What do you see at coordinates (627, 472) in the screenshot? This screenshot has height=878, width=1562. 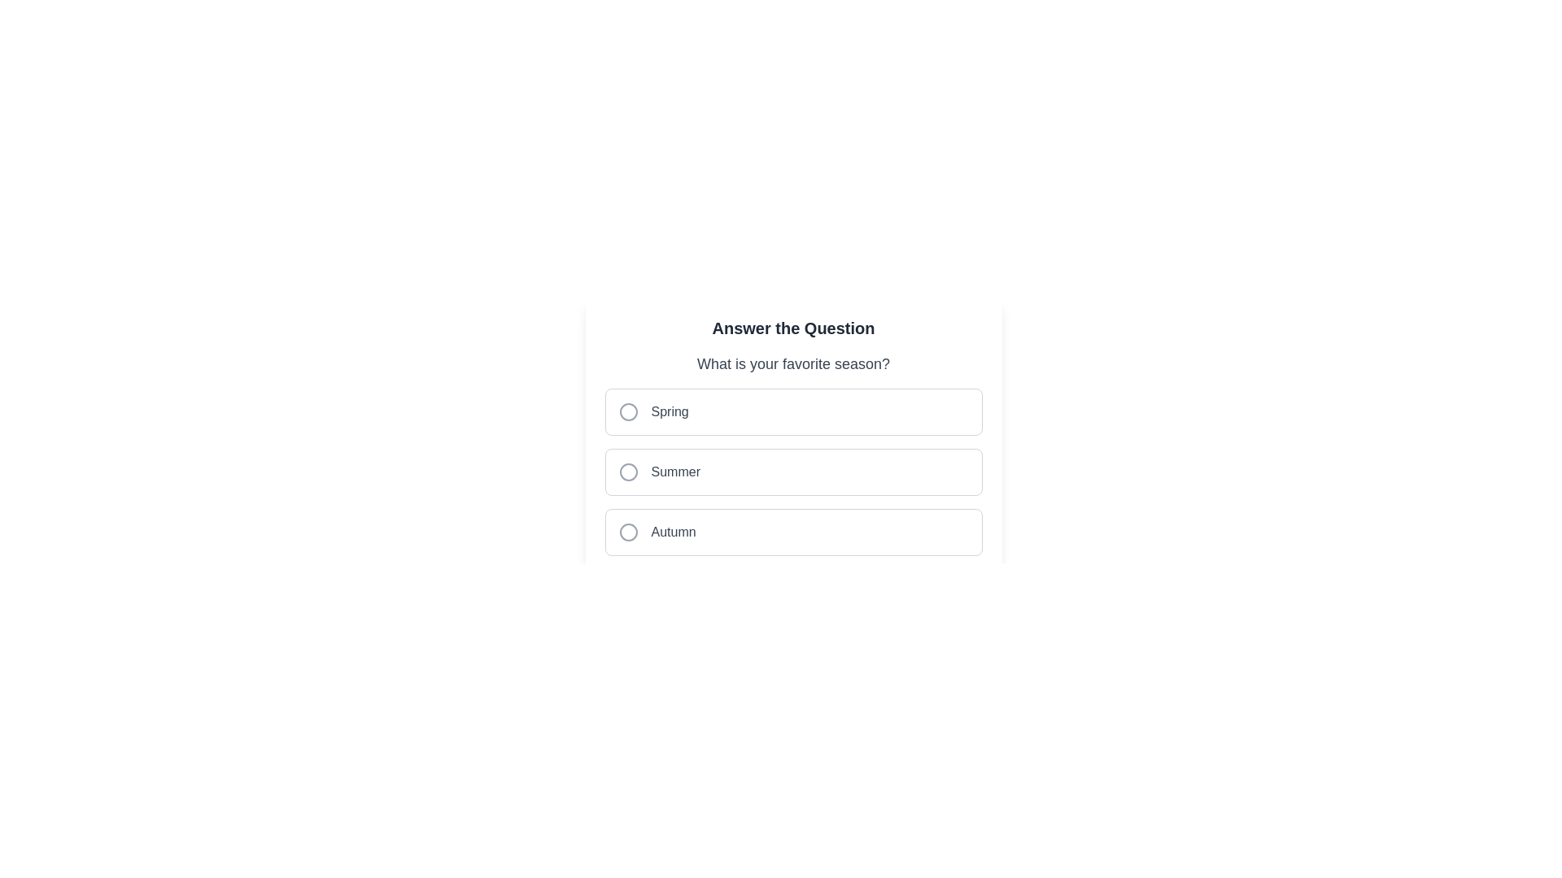 I see `the radio button for the 'Summer' option` at bounding box center [627, 472].